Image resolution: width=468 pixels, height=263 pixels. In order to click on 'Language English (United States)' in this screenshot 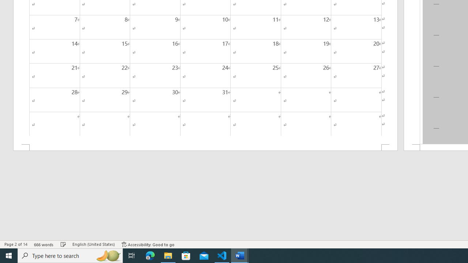, I will do `click(93, 244)`.